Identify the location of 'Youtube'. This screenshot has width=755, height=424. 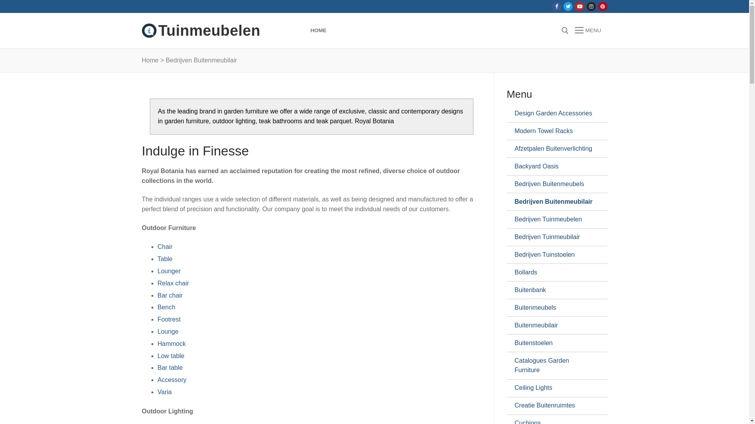
(580, 6).